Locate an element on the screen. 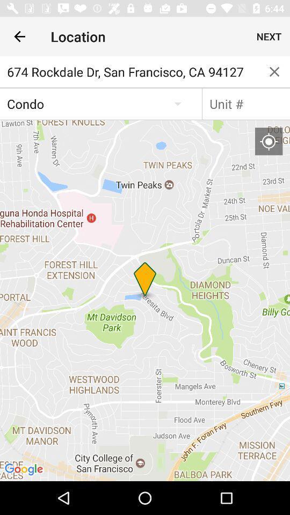 The height and width of the screenshot is (515, 290). icon next to the location is located at coordinates (19, 36).